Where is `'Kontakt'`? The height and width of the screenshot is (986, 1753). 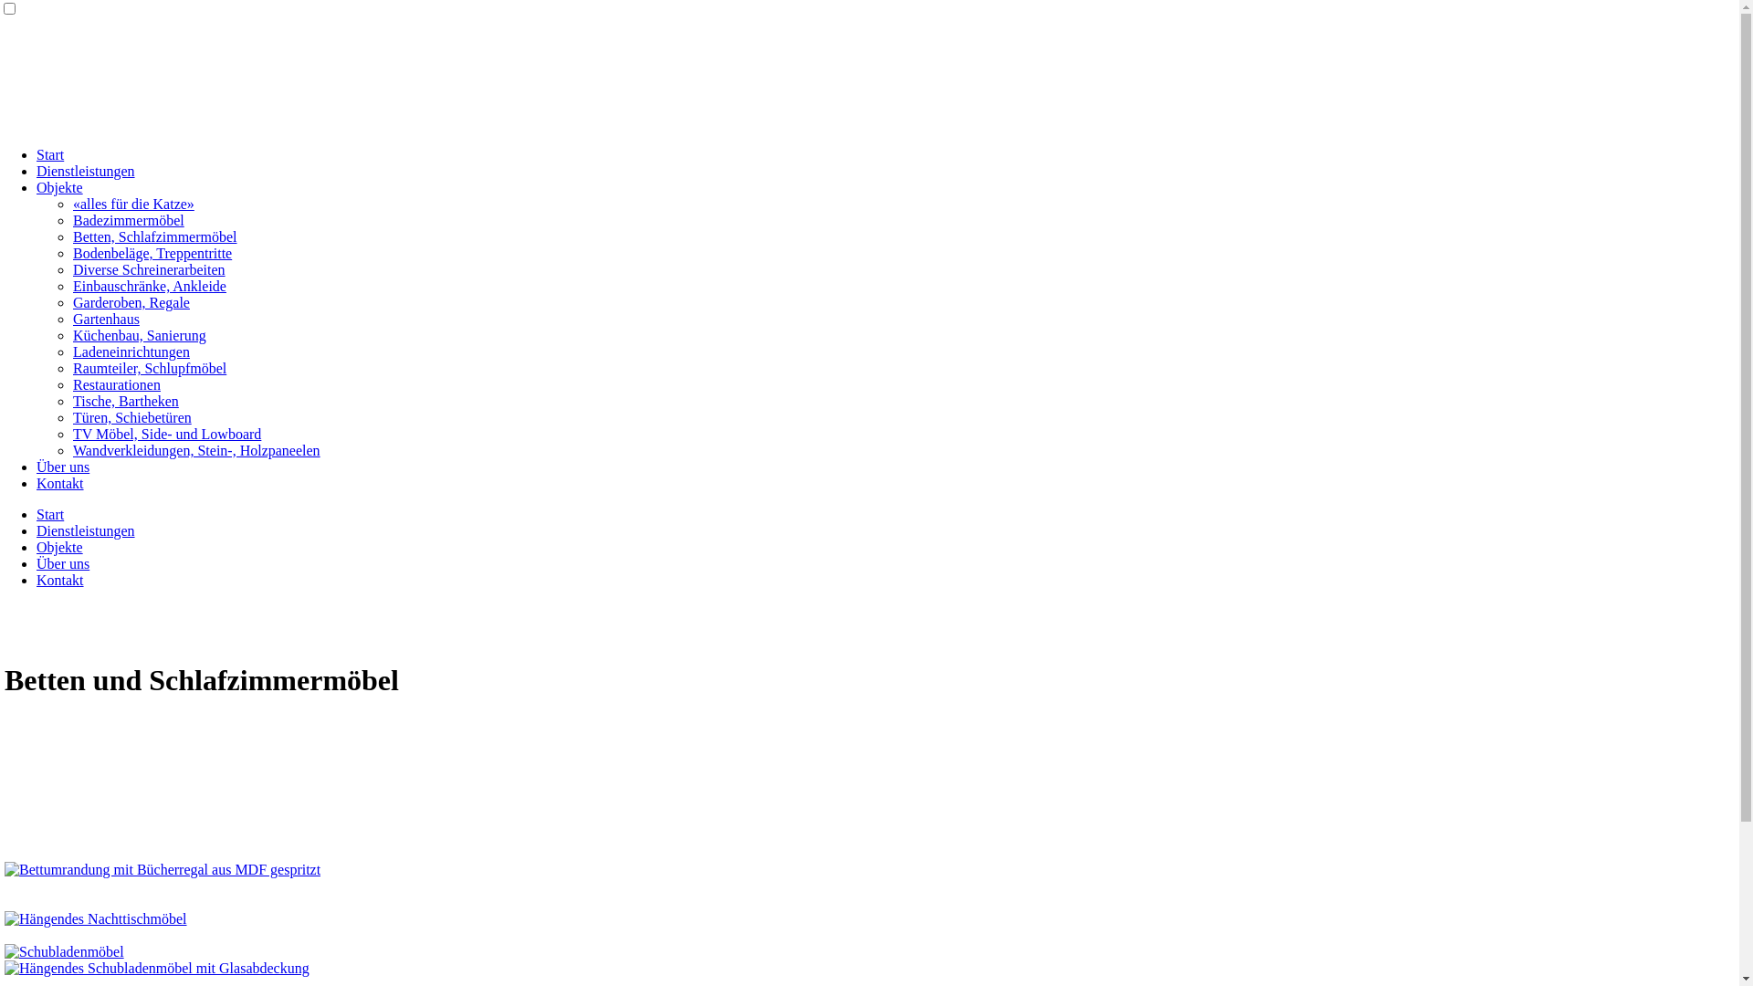
'Kontakt' is located at coordinates (60, 580).